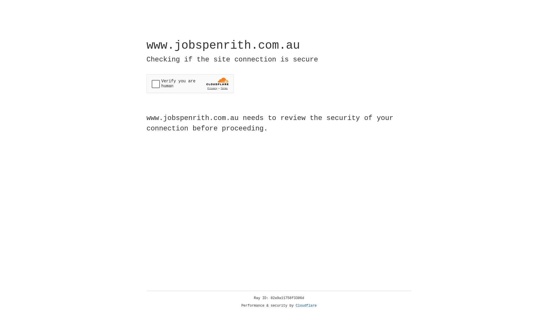 The width and height of the screenshot is (558, 313). What do you see at coordinates (296, 305) in the screenshot?
I see `'Cloudflare'` at bounding box center [296, 305].